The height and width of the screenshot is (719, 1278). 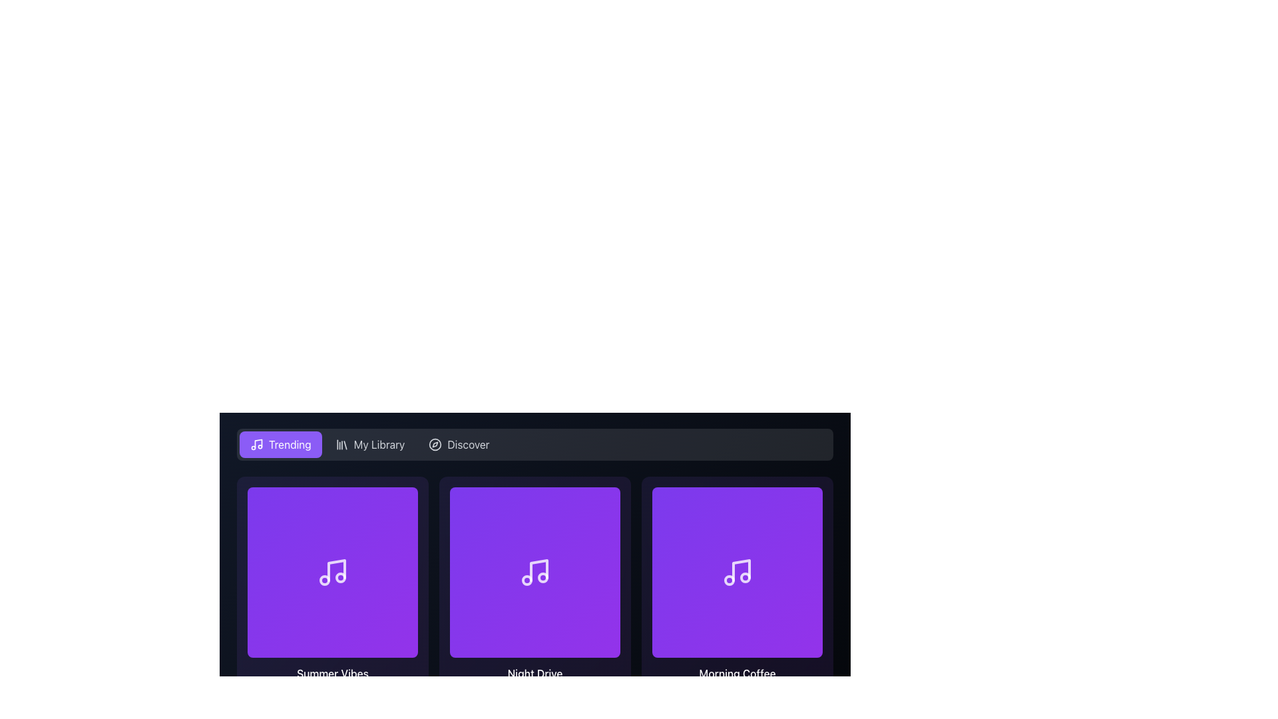 What do you see at coordinates (737, 673) in the screenshot?
I see `text content of the label that displays 'Morning Coffee', which is styled in white color and located below a purple square area with a music note icon` at bounding box center [737, 673].